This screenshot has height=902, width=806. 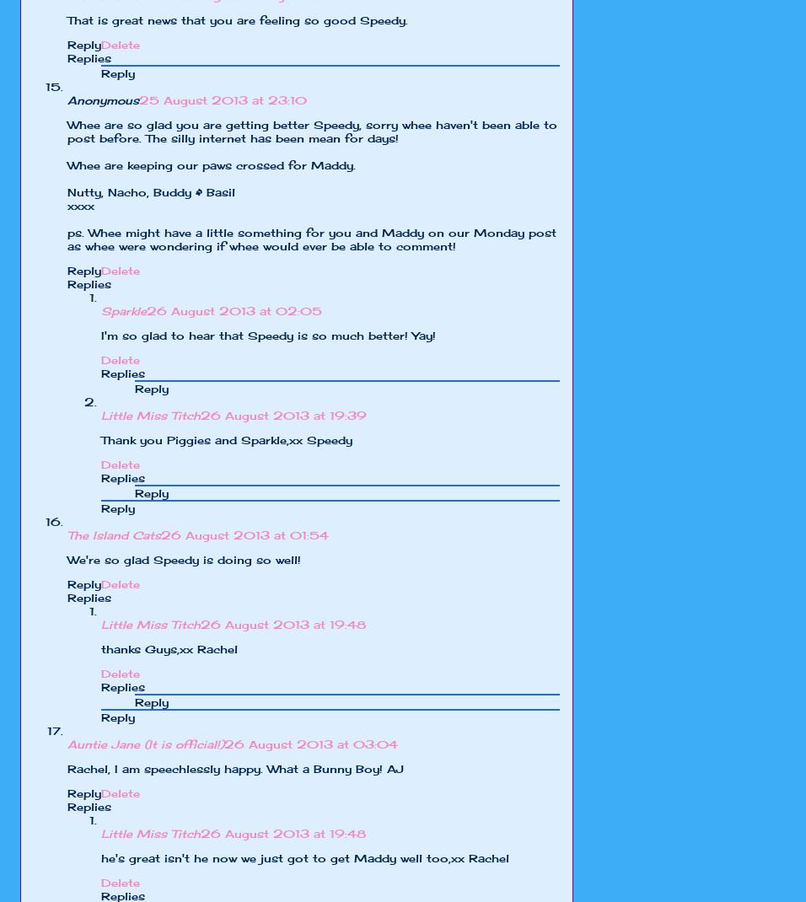 What do you see at coordinates (146, 744) in the screenshot?
I see `'Auntie Jane (It is official!)'` at bounding box center [146, 744].